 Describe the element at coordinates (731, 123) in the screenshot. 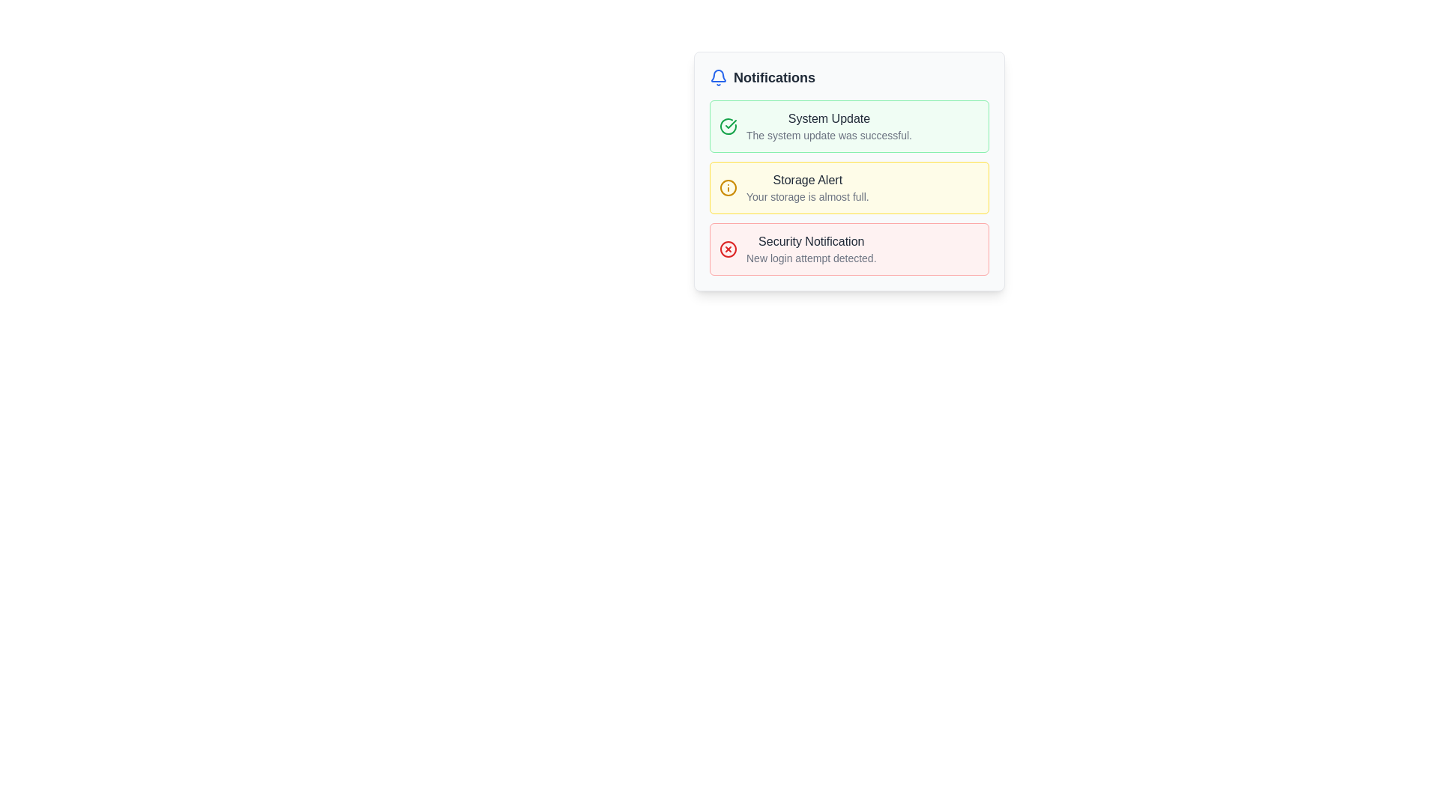

I see `the green checkmark icon indicating success in the first row of the notification list` at that location.